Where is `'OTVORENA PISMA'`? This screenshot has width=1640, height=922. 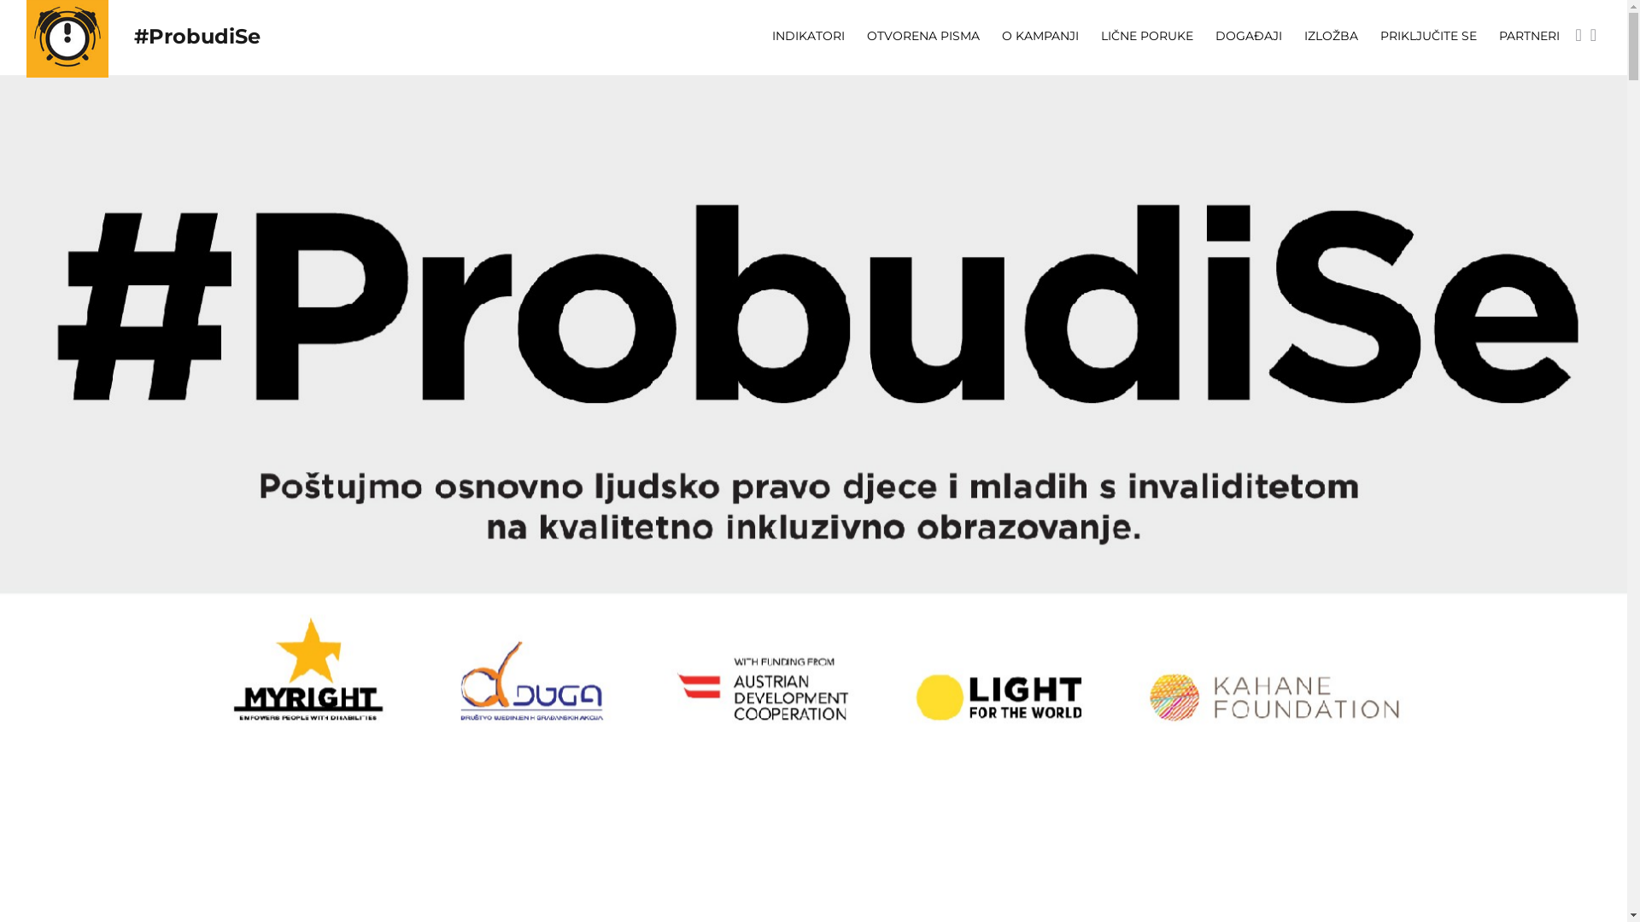
'OTVORENA PISMA' is located at coordinates (922, 36).